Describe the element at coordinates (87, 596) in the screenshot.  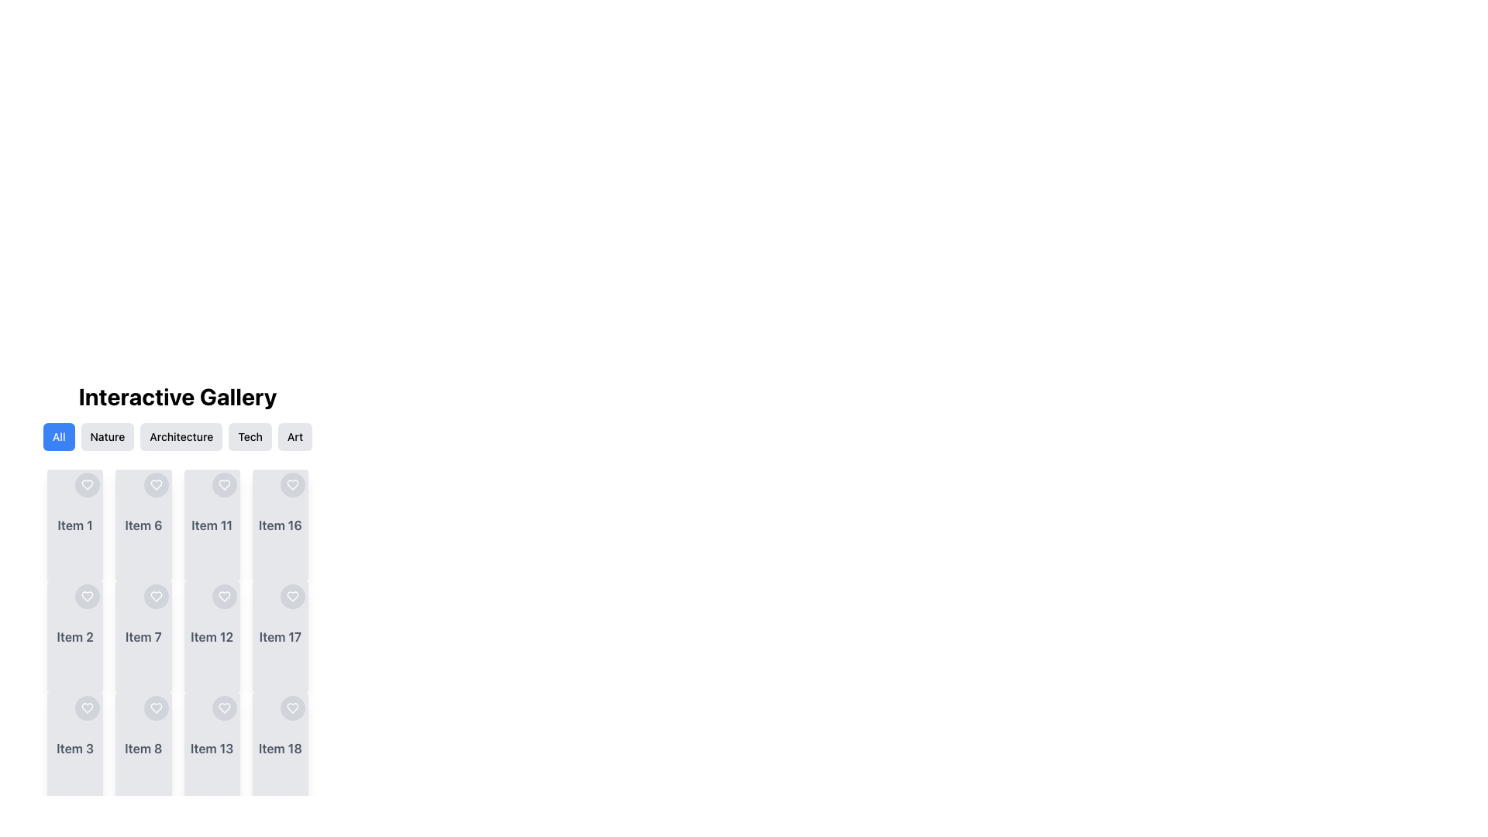
I see `the heart icon in the first column's second cell, which is associated with 'Item 2'` at that location.